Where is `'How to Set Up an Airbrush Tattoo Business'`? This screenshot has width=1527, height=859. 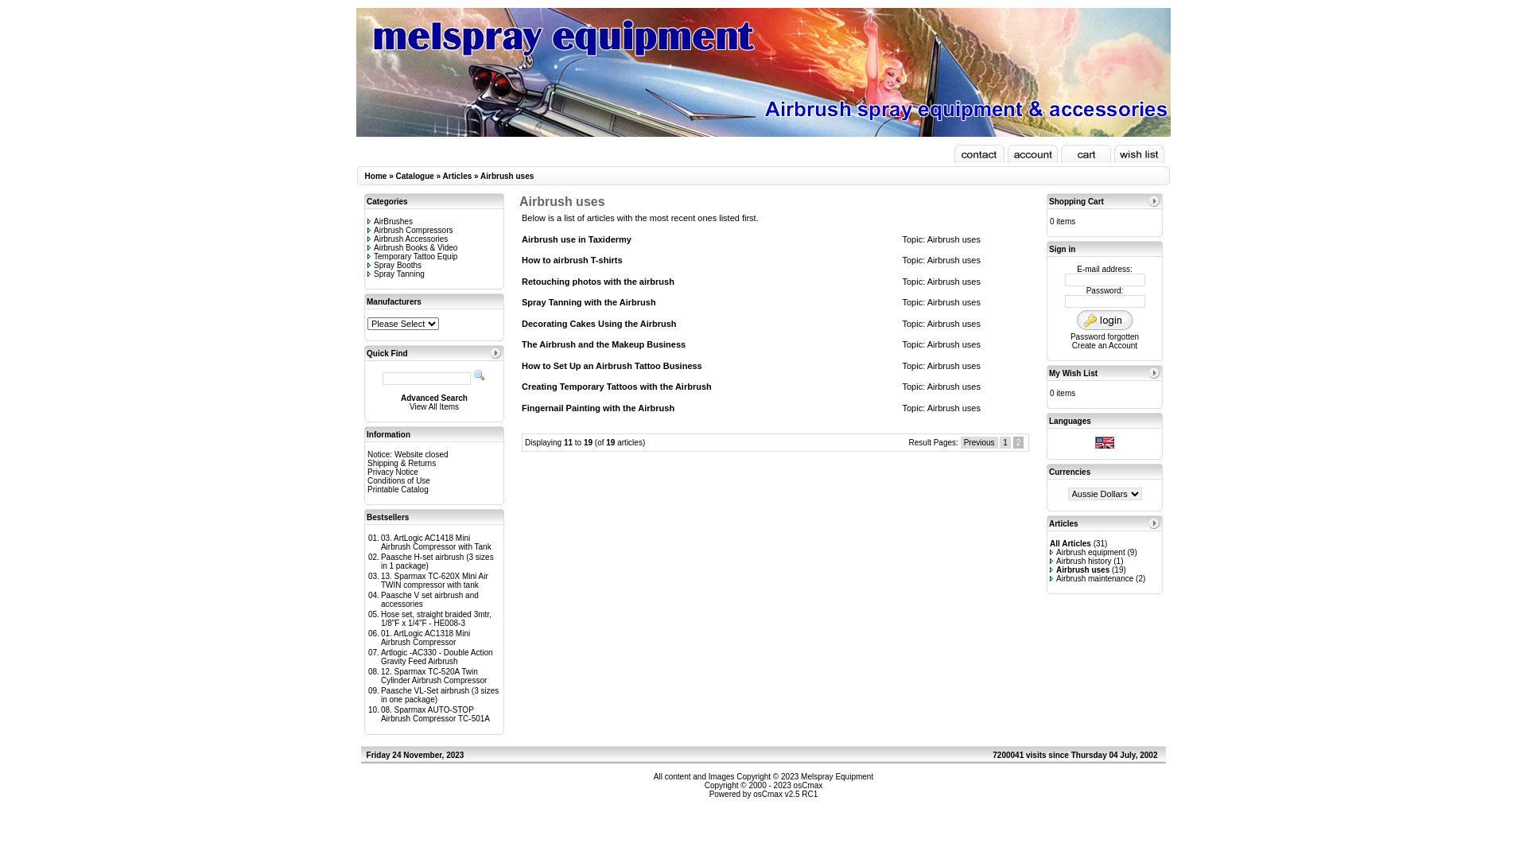 'How to Set Up an Airbrush Tattoo Business' is located at coordinates (611, 365).